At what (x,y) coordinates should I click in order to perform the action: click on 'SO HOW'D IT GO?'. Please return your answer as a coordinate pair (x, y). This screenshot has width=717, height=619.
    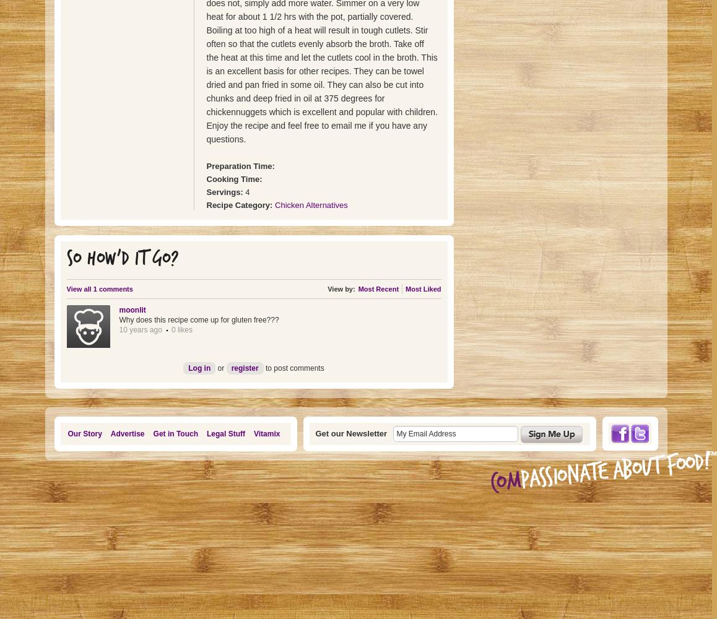
    Looking at the image, I should click on (123, 259).